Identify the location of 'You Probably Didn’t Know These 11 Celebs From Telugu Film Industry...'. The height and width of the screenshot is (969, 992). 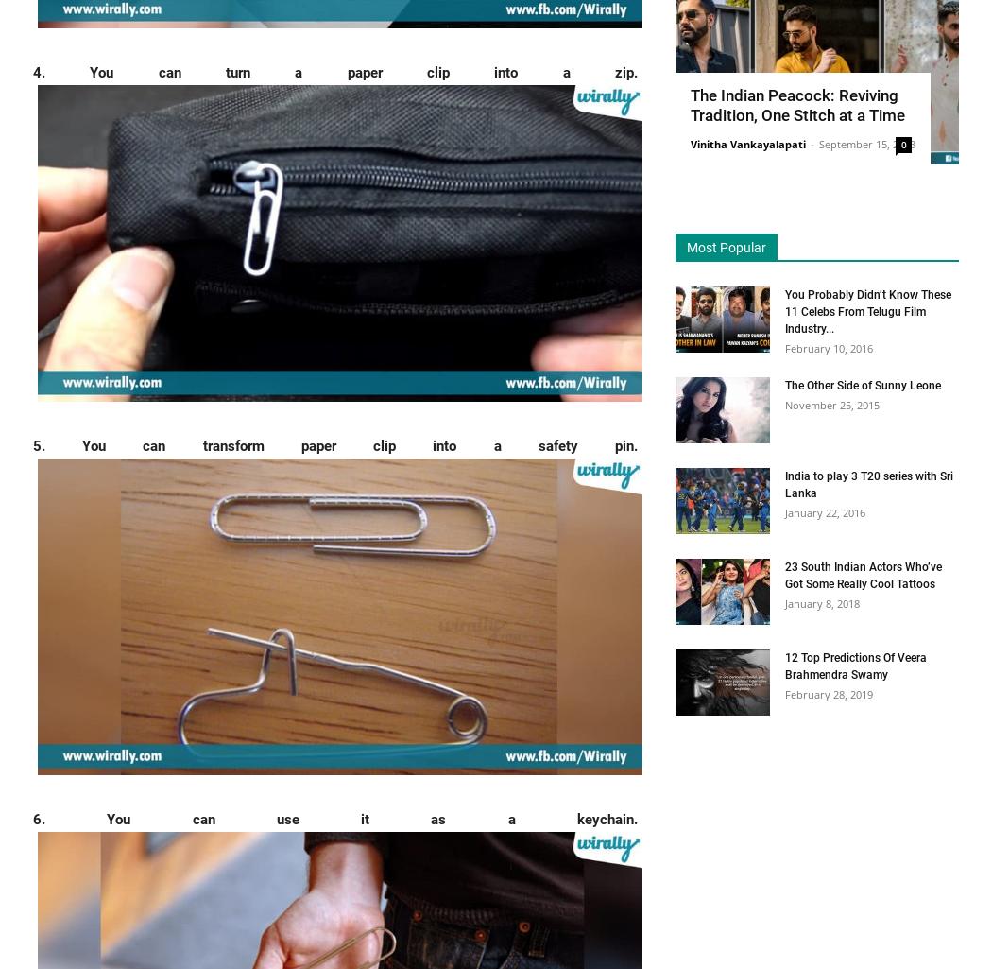
(867, 310).